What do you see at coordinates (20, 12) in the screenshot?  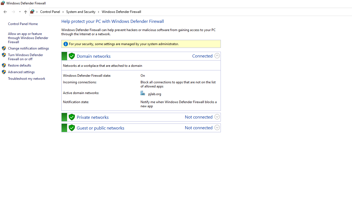 I see `'Recent locations'` at bounding box center [20, 12].